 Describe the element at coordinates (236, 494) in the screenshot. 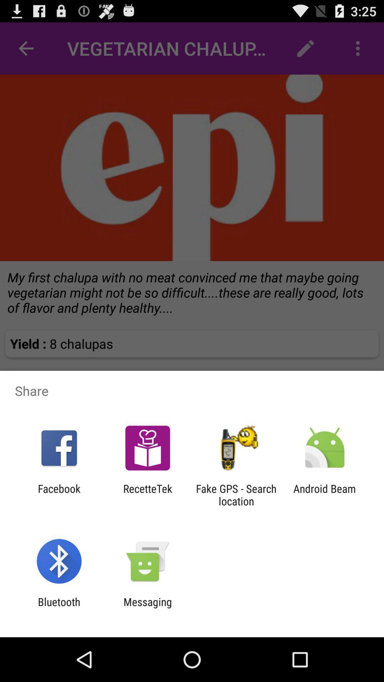

I see `app to the left of android beam app` at that location.